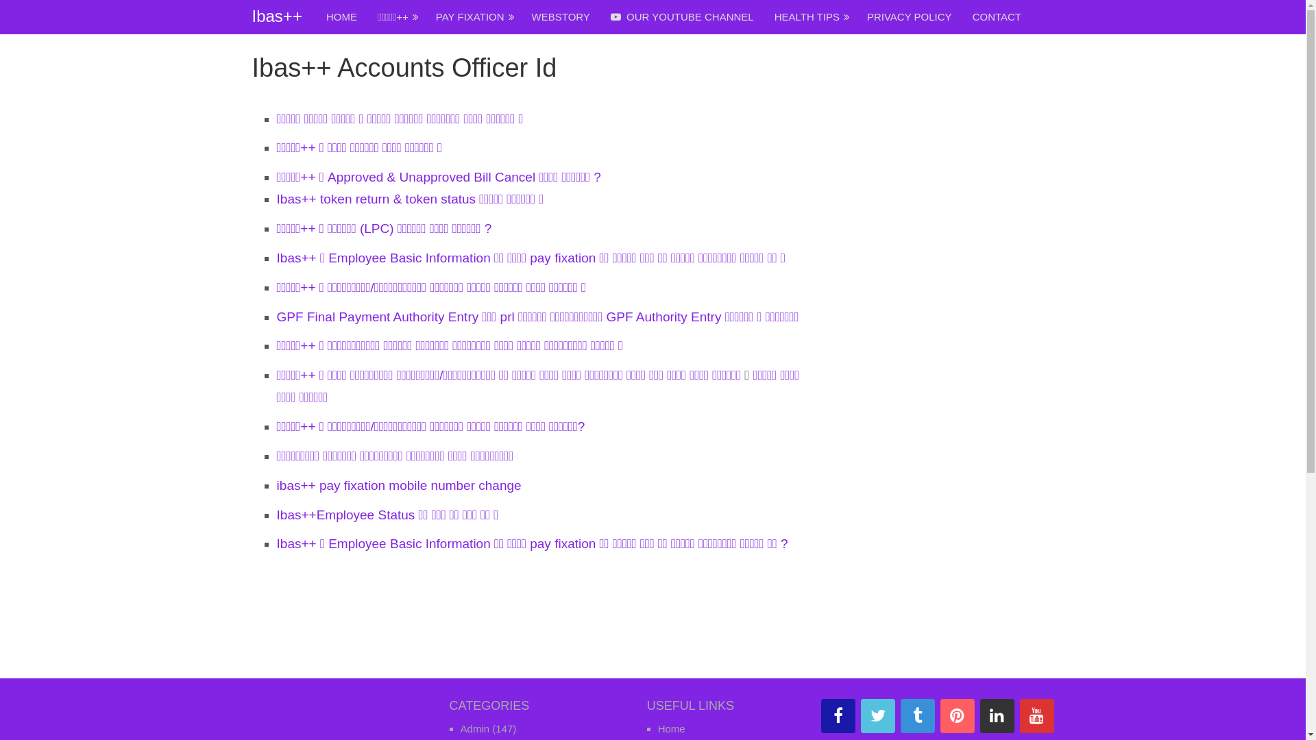  Describe the element at coordinates (398, 484) in the screenshot. I see `'ibas++ pay fixation mobile number change'` at that location.